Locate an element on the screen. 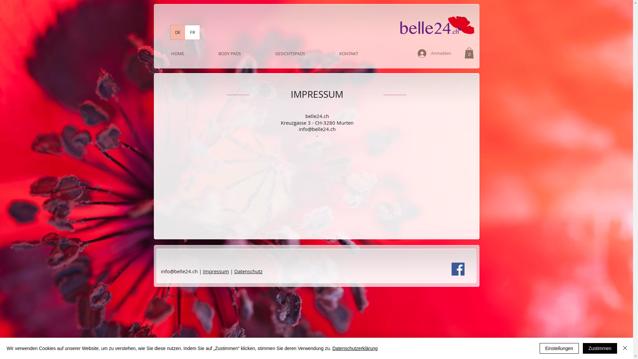 The image size is (638, 359). 'HOME' is located at coordinates (177, 53).